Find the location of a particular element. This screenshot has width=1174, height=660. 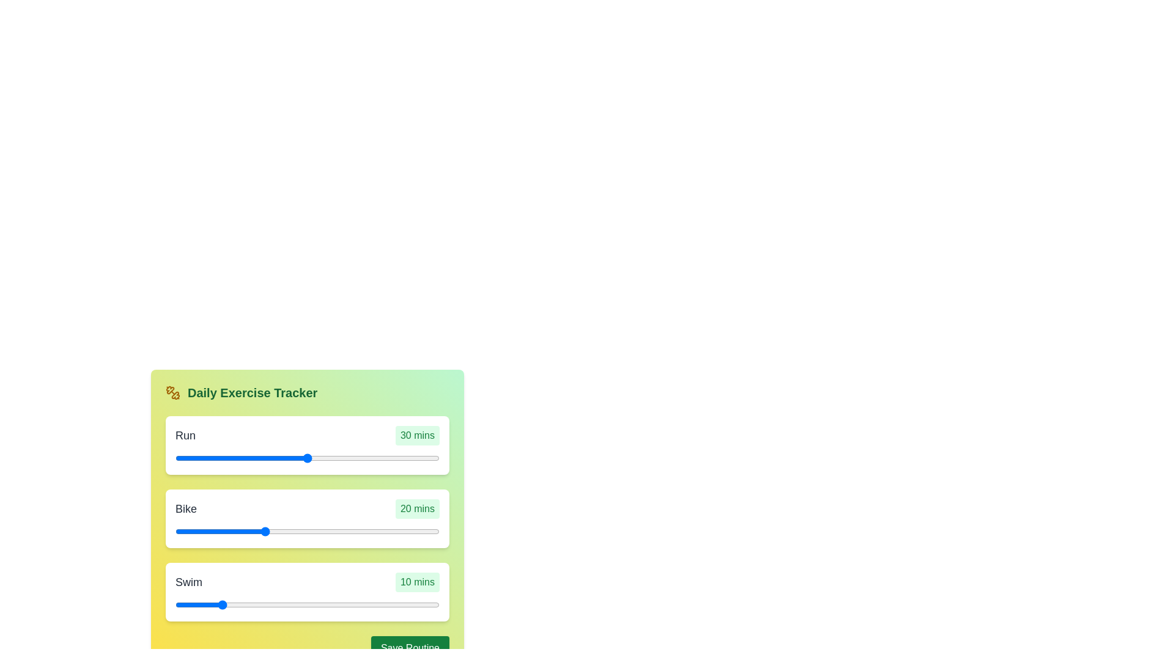

the duration of the 0 slider to 34 minutes is located at coordinates (382, 458).